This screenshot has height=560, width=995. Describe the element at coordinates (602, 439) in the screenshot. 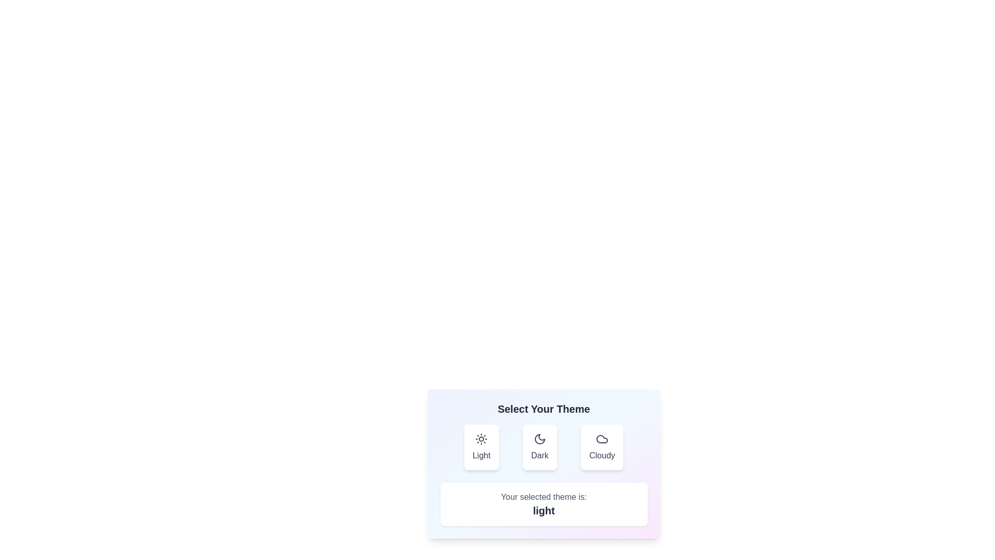

I see `the 'Cloudy' theme selection icon, which is a gray-outlined cloud graphic in the light-themed user interface` at that location.